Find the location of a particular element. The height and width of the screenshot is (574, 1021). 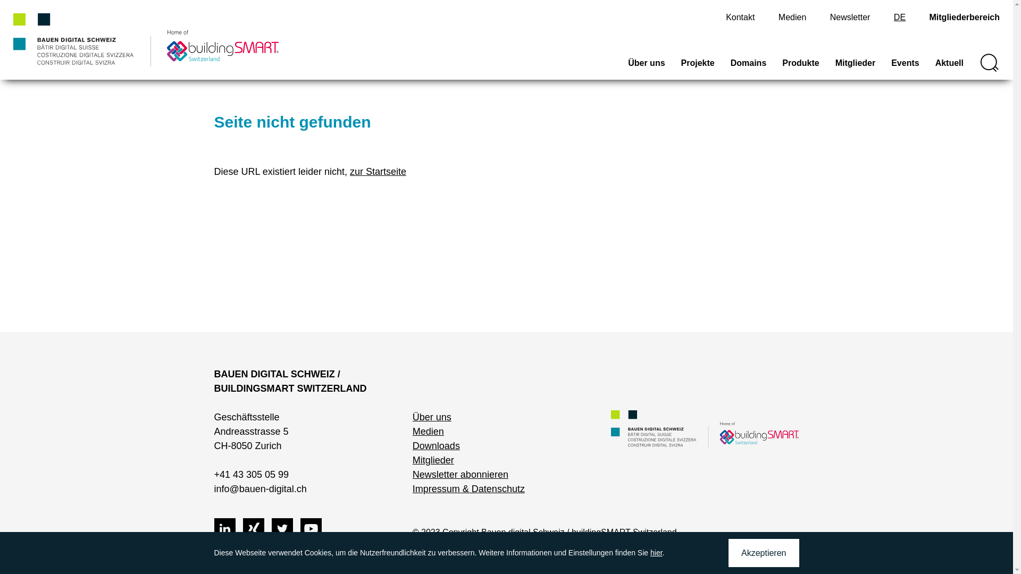

'Downloads' is located at coordinates (412, 446).